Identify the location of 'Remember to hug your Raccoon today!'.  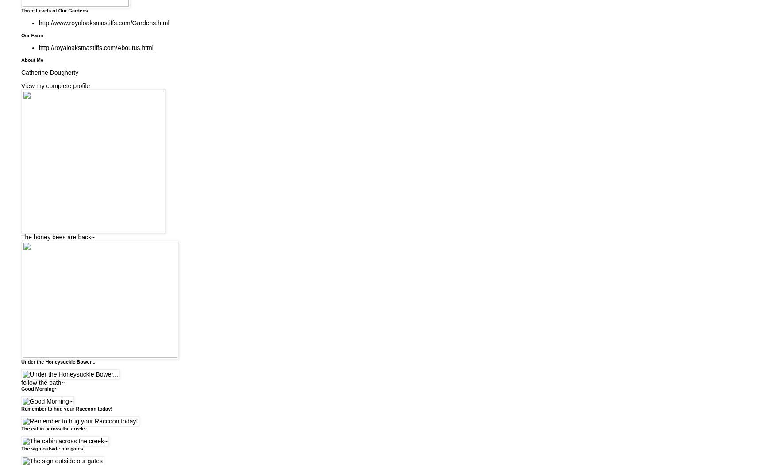
(66, 408).